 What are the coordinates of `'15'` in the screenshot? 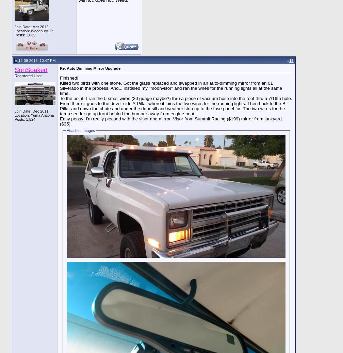 It's located at (291, 60).